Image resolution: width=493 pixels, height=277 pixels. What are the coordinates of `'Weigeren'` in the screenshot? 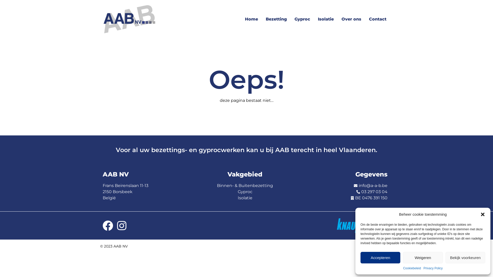 It's located at (423, 258).